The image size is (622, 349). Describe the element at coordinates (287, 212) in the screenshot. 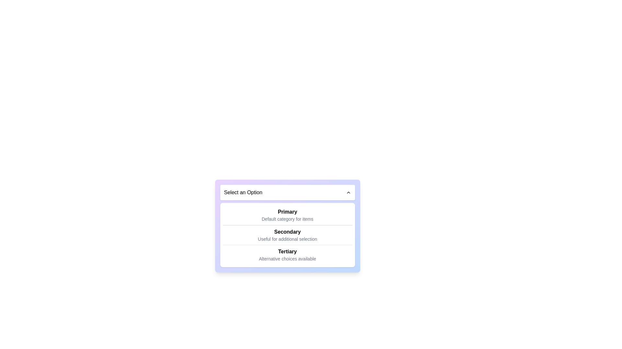

I see `the 'Primary' text label` at that location.